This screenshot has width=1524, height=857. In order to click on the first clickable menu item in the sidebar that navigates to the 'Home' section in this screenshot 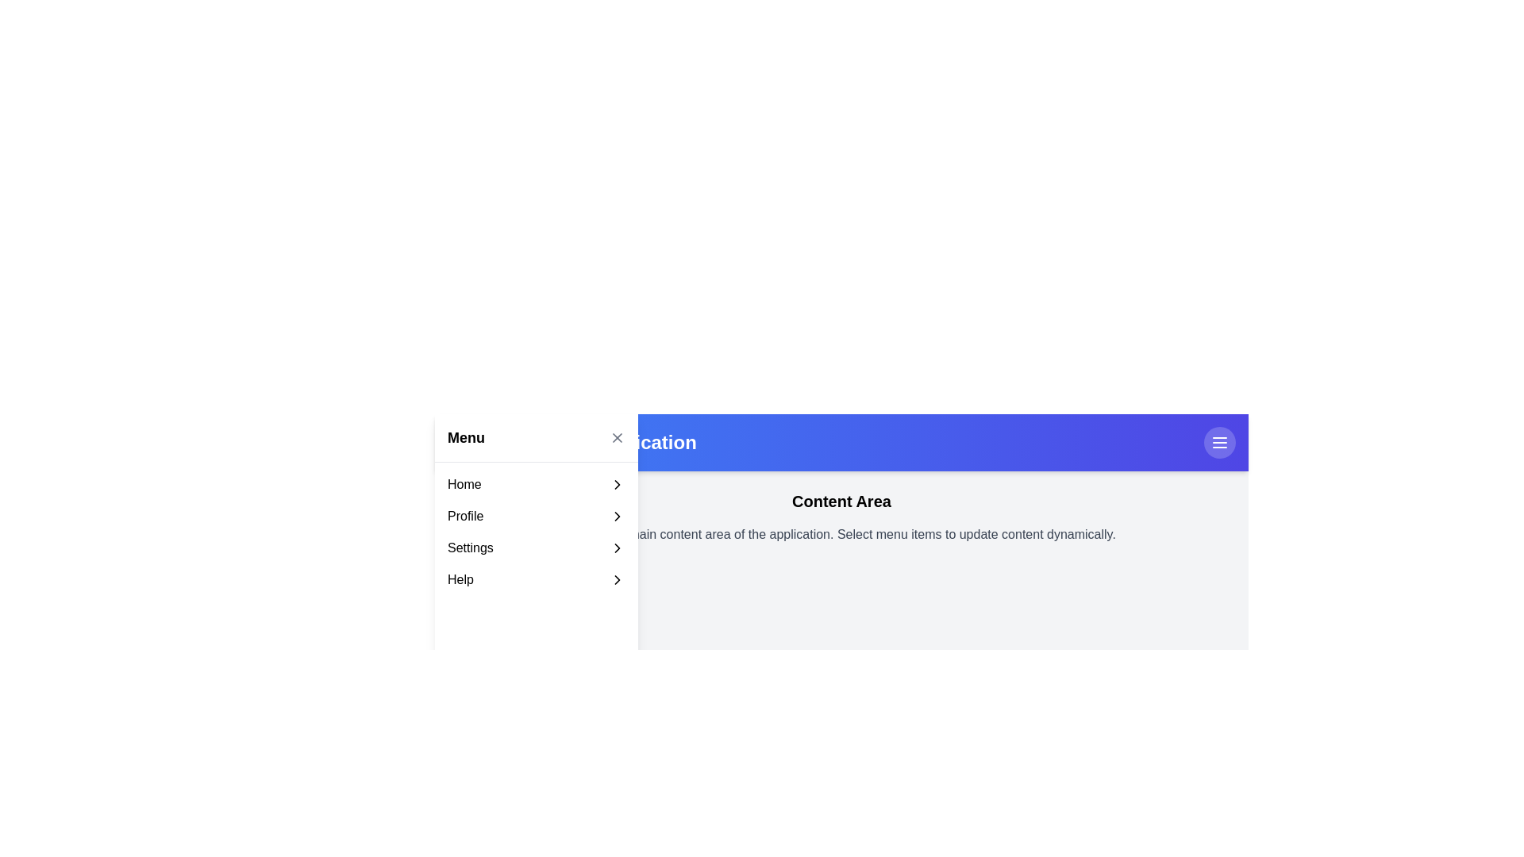, I will do `click(537, 483)`.